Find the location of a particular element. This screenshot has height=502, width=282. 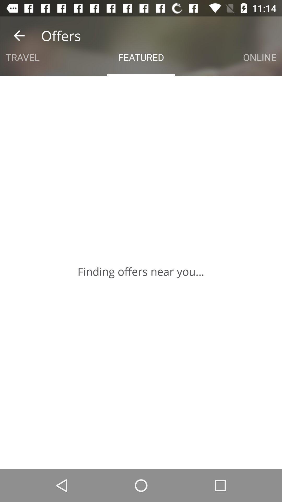

app next to the featured icon is located at coordinates (22, 57).